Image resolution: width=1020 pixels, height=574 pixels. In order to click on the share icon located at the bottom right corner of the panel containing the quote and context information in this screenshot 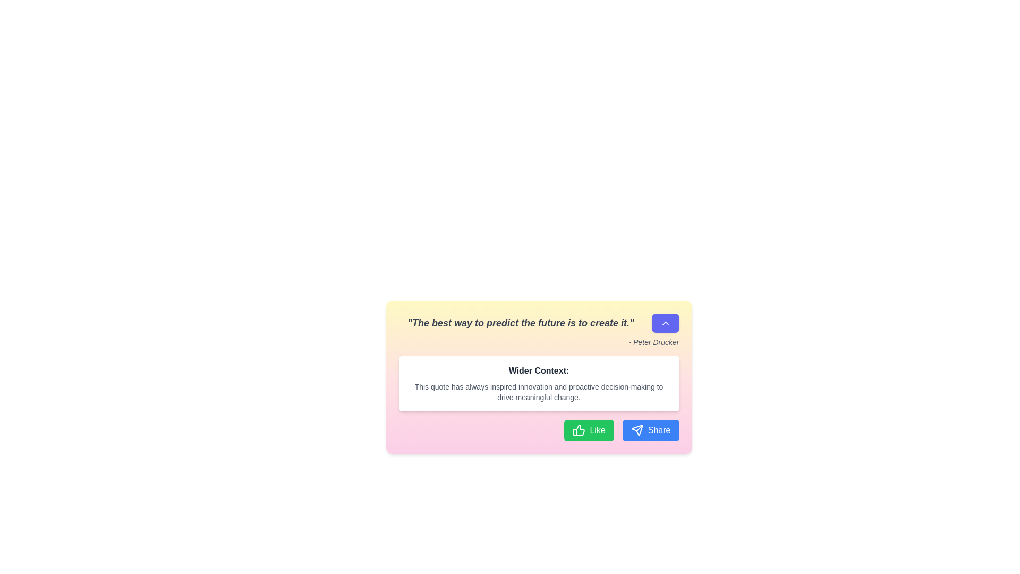, I will do `click(637, 430)`.